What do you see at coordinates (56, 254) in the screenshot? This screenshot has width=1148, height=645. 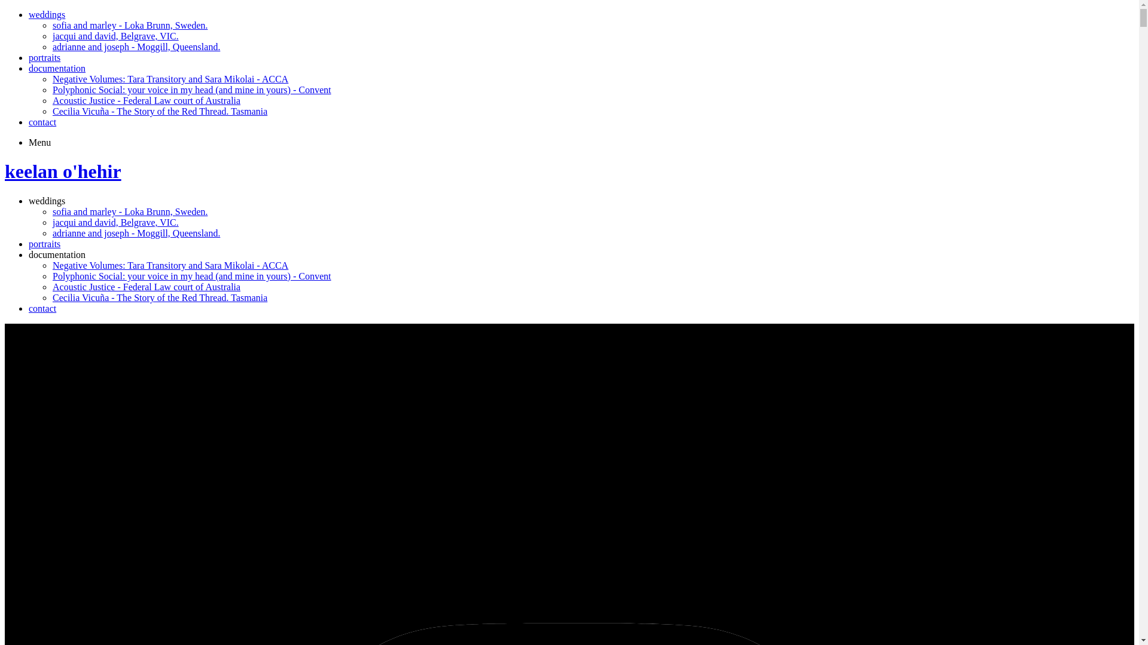 I see `'documentation'` at bounding box center [56, 254].